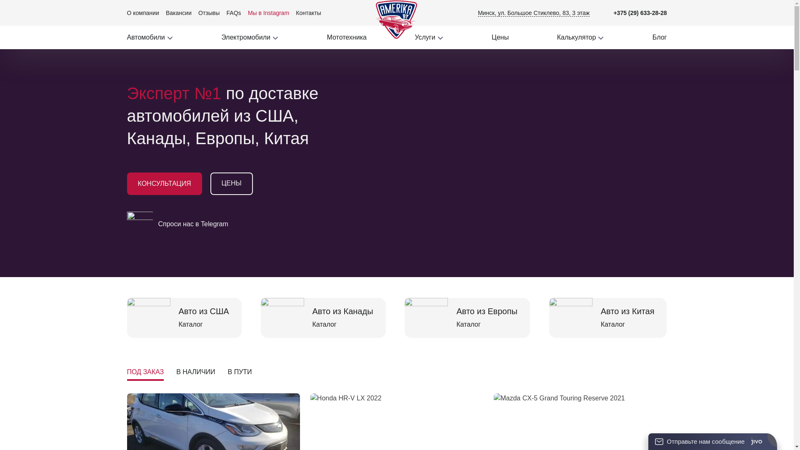 This screenshot has height=450, width=800. What do you see at coordinates (640, 12) in the screenshot?
I see `'+375 (29) 633-28-28'` at bounding box center [640, 12].